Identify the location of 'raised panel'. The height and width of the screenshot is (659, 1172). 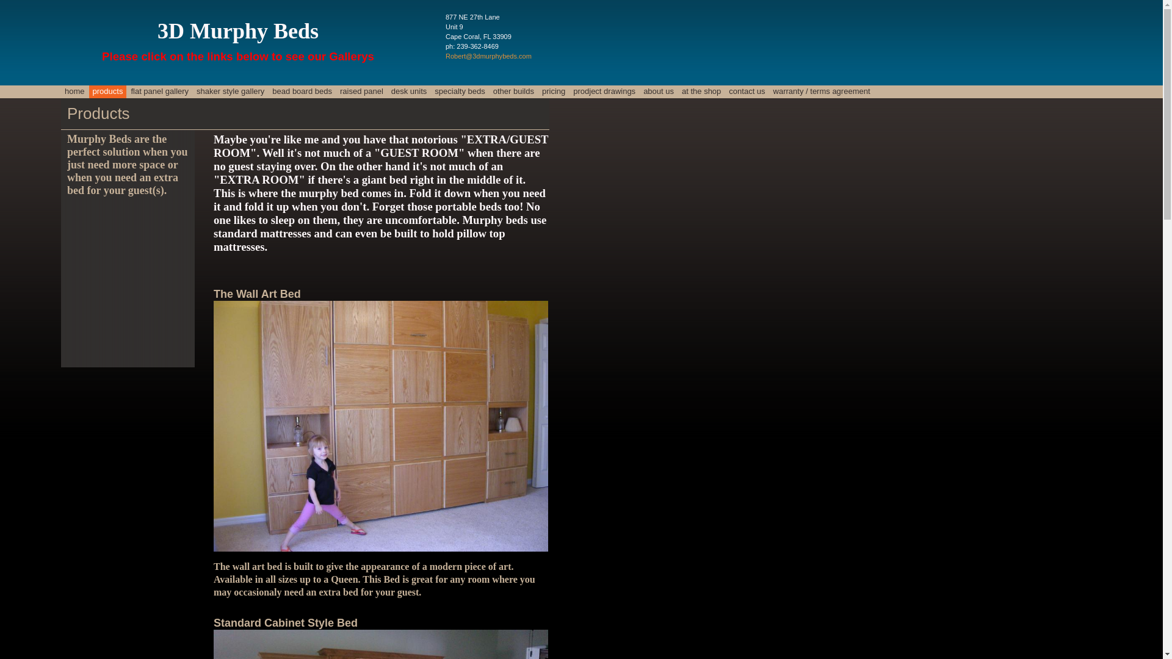
(361, 91).